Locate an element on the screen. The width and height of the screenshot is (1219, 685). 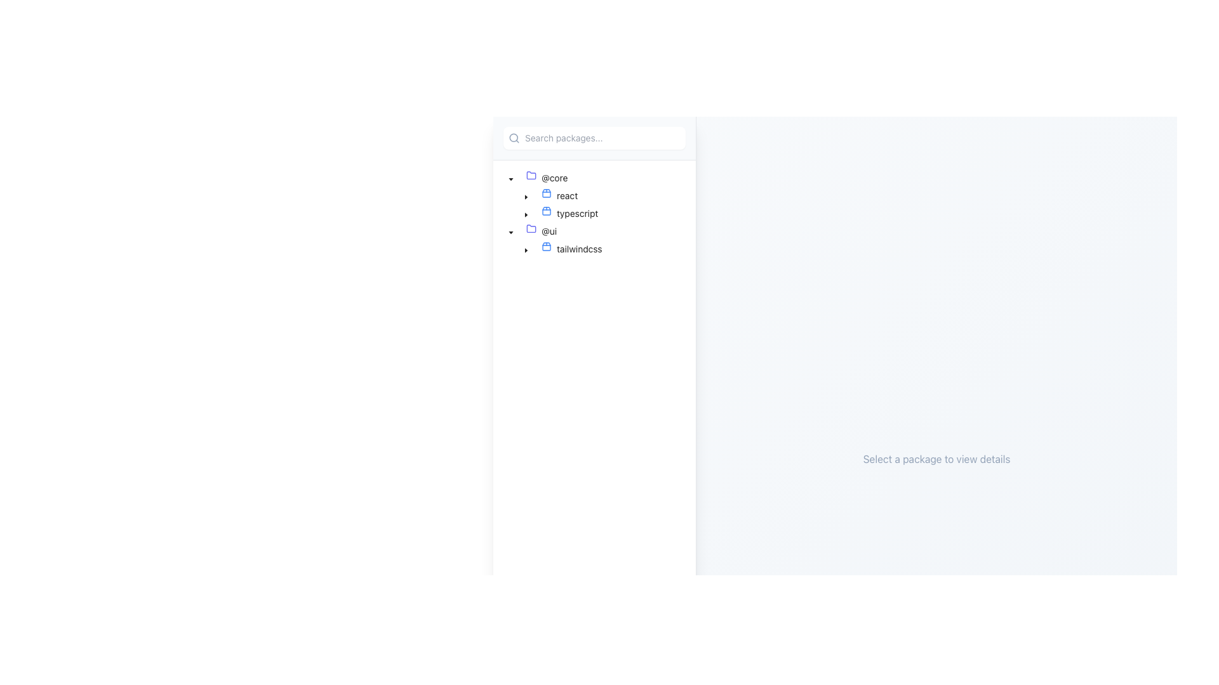
the text label '@core' which is aligned beside the folder icon in the first folder structure of the left-hand panel is located at coordinates (554, 178).